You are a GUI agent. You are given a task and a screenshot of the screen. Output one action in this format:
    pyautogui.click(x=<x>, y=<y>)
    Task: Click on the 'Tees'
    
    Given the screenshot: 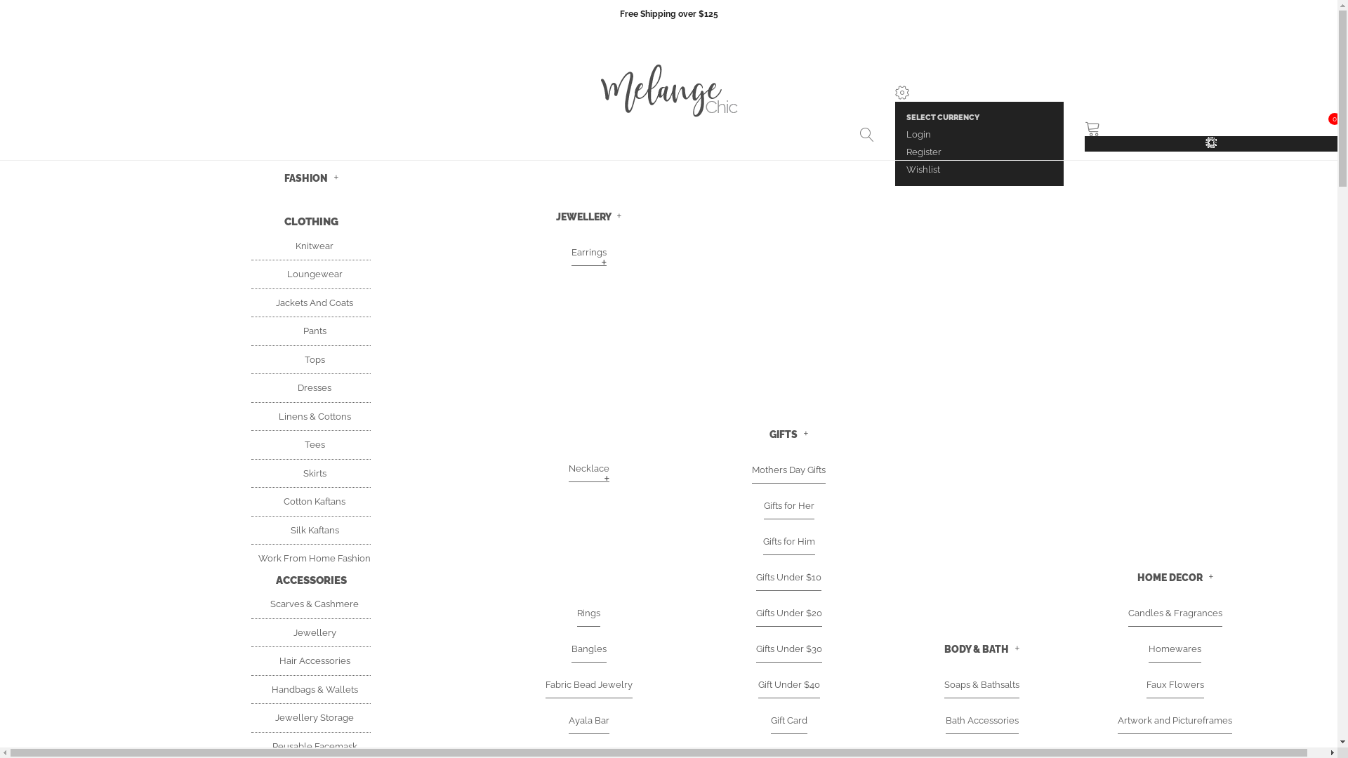 What is the action you would take?
    pyautogui.click(x=296, y=444)
    